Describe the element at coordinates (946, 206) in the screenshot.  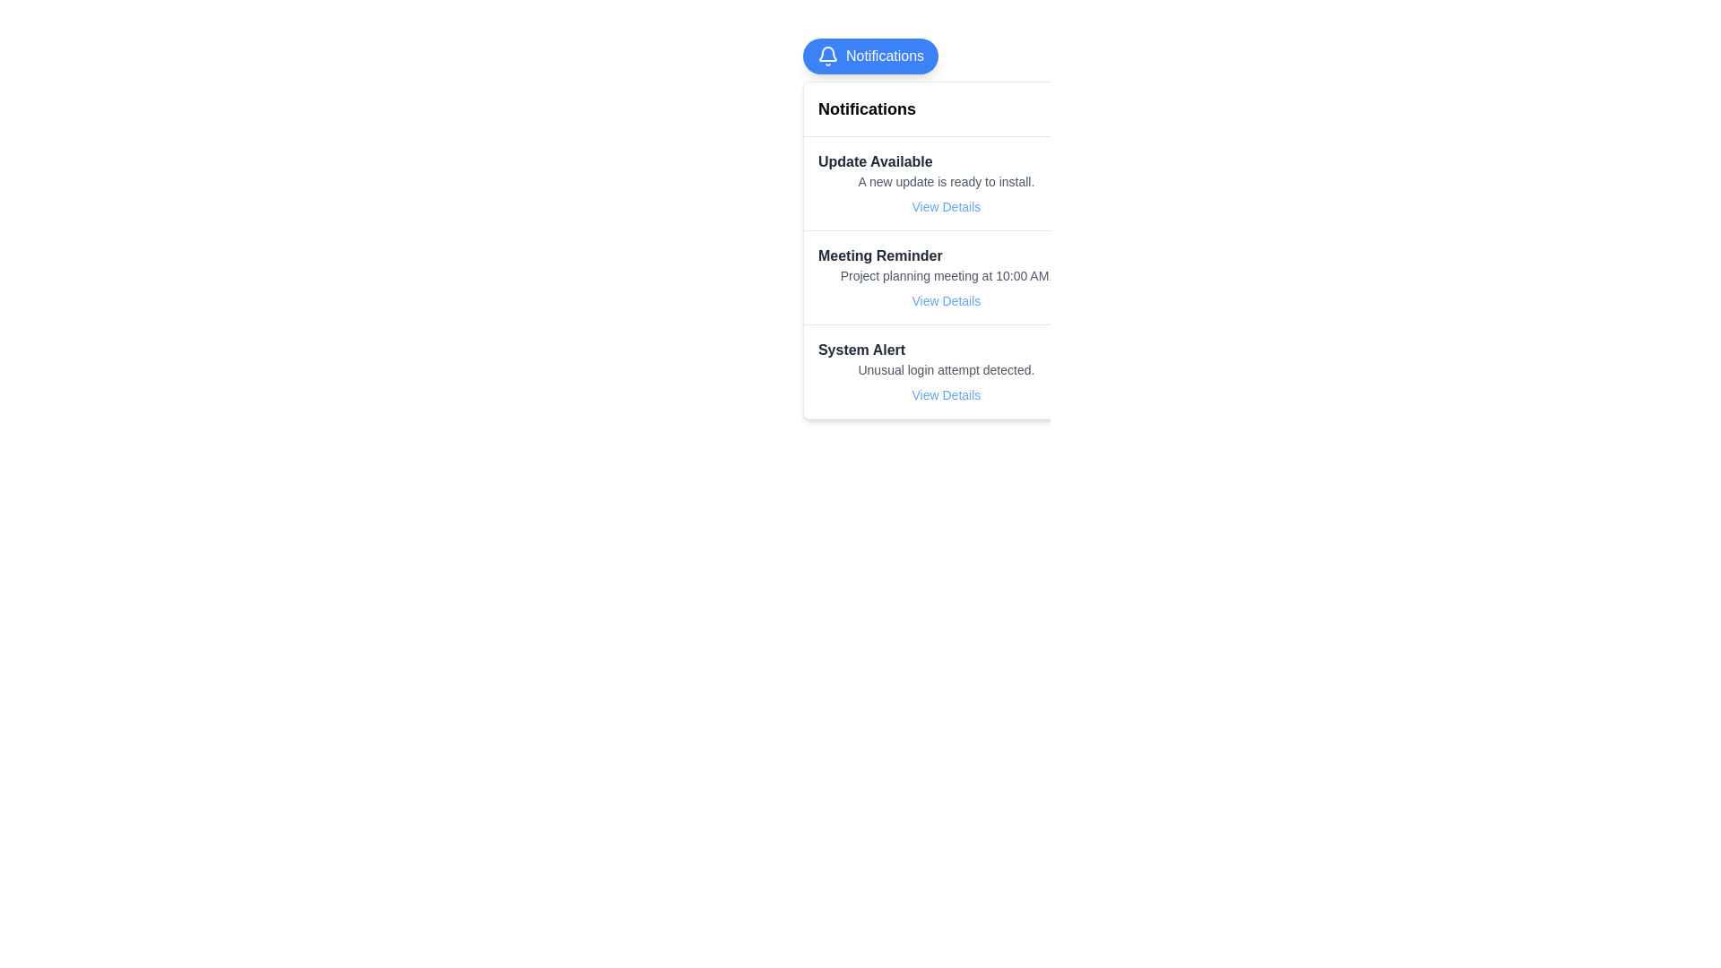
I see `the third hyperlink under the notification marked 'Update Available' that provides additional information about the update` at that location.